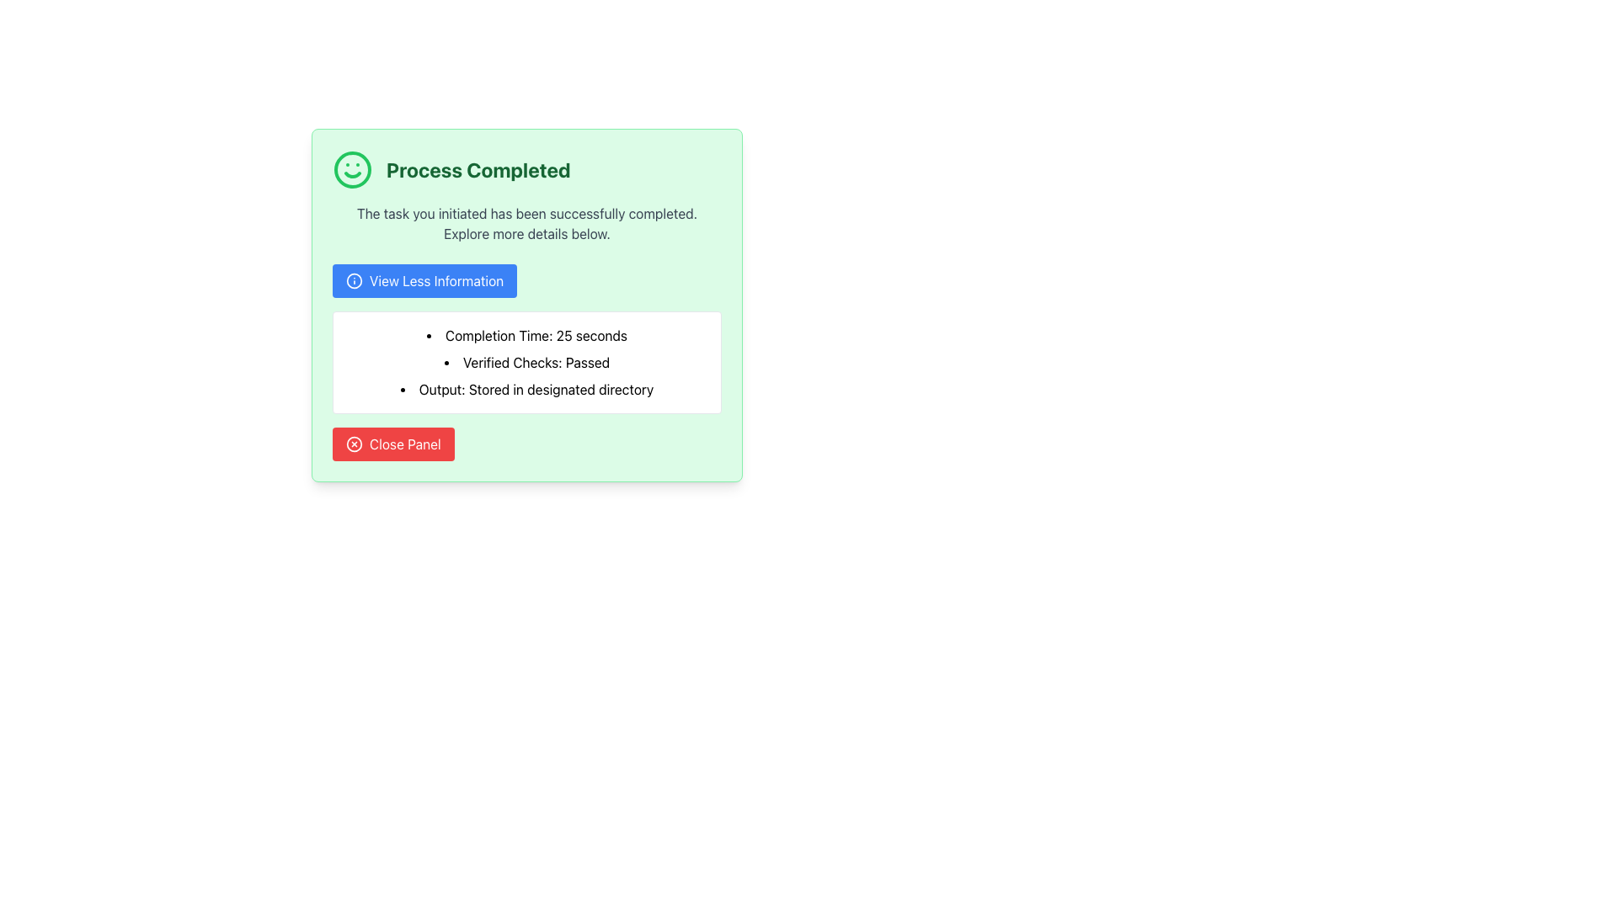  I want to click on the bright red 'Close Panel' button with rounded corners, which features white text and an 'X' icon, so click(392, 444).